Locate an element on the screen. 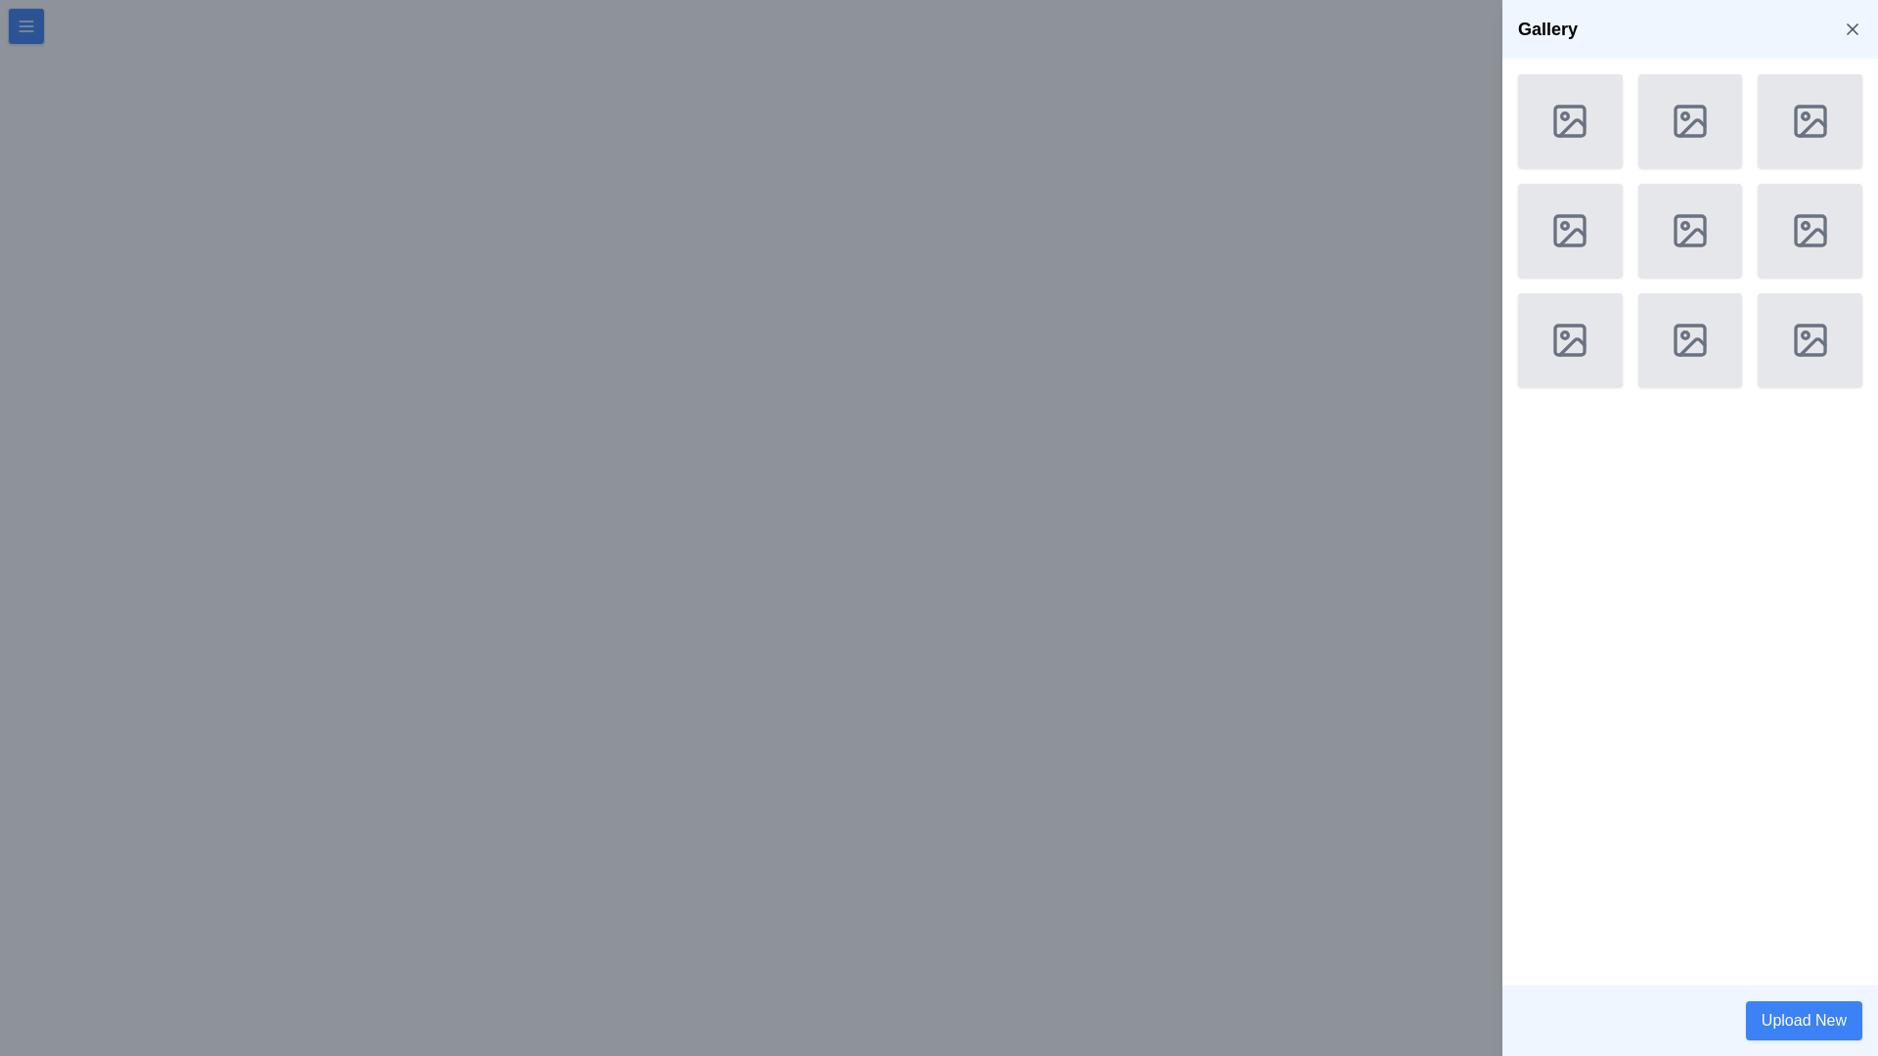 Image resolution: width=1878 pixels, height=1056 pixels. the graphical icon in the first row and first column of the 'Gallery' panel is located at coordinates (1570, 120).